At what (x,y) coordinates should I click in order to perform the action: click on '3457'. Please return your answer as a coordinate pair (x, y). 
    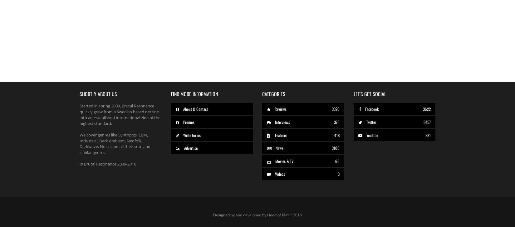
    Looking at the image, I should click on (427, 121).